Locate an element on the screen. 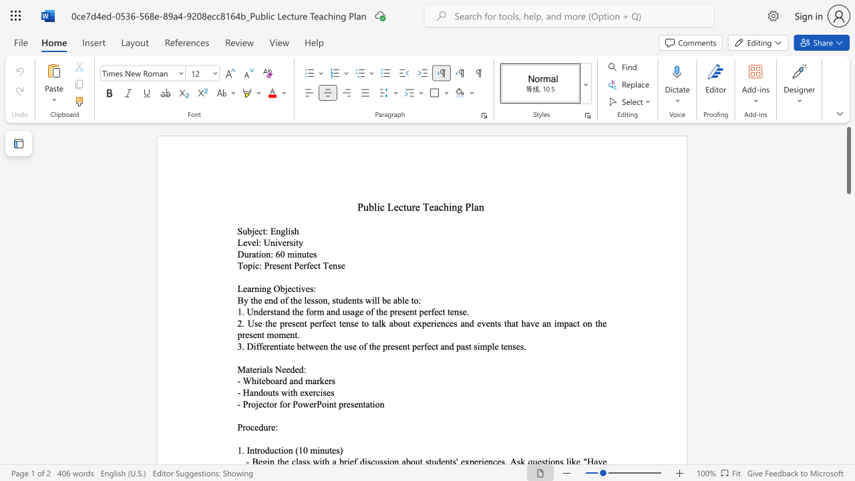  the subset text "Objectives" within the text "Learning Objectives:" is located at coordinates (273, 288).